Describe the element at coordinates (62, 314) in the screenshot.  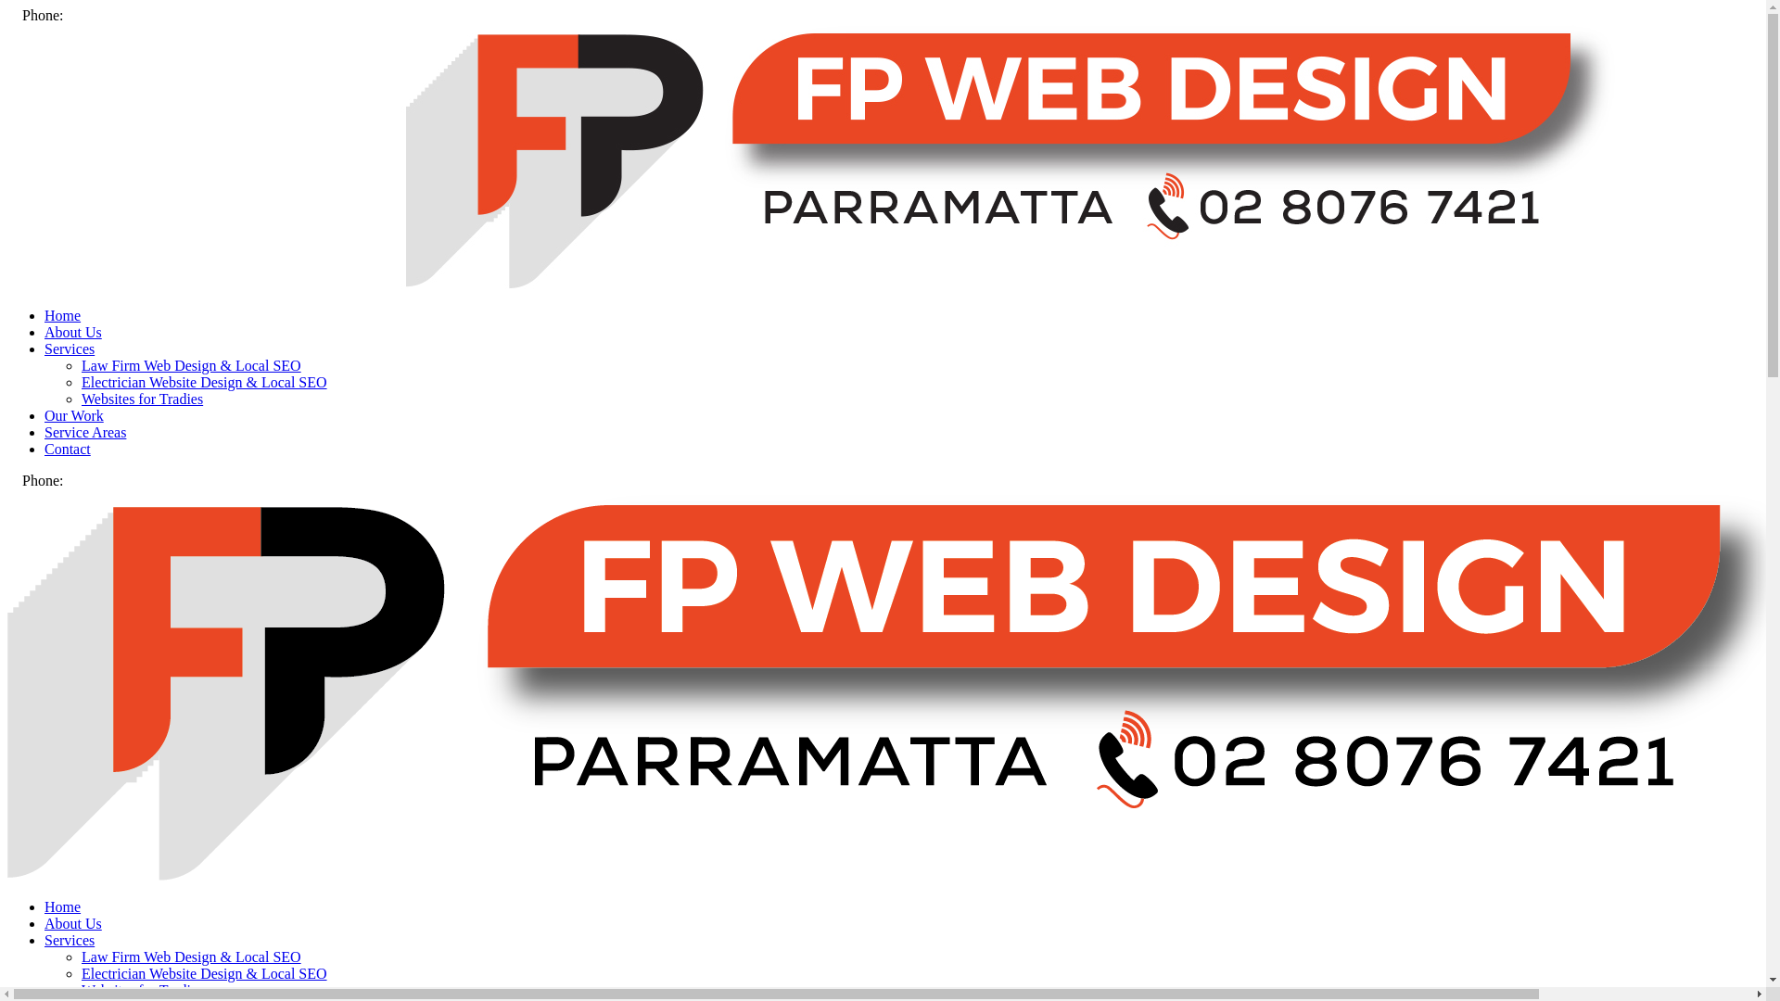
I see `'Home'` at that location.